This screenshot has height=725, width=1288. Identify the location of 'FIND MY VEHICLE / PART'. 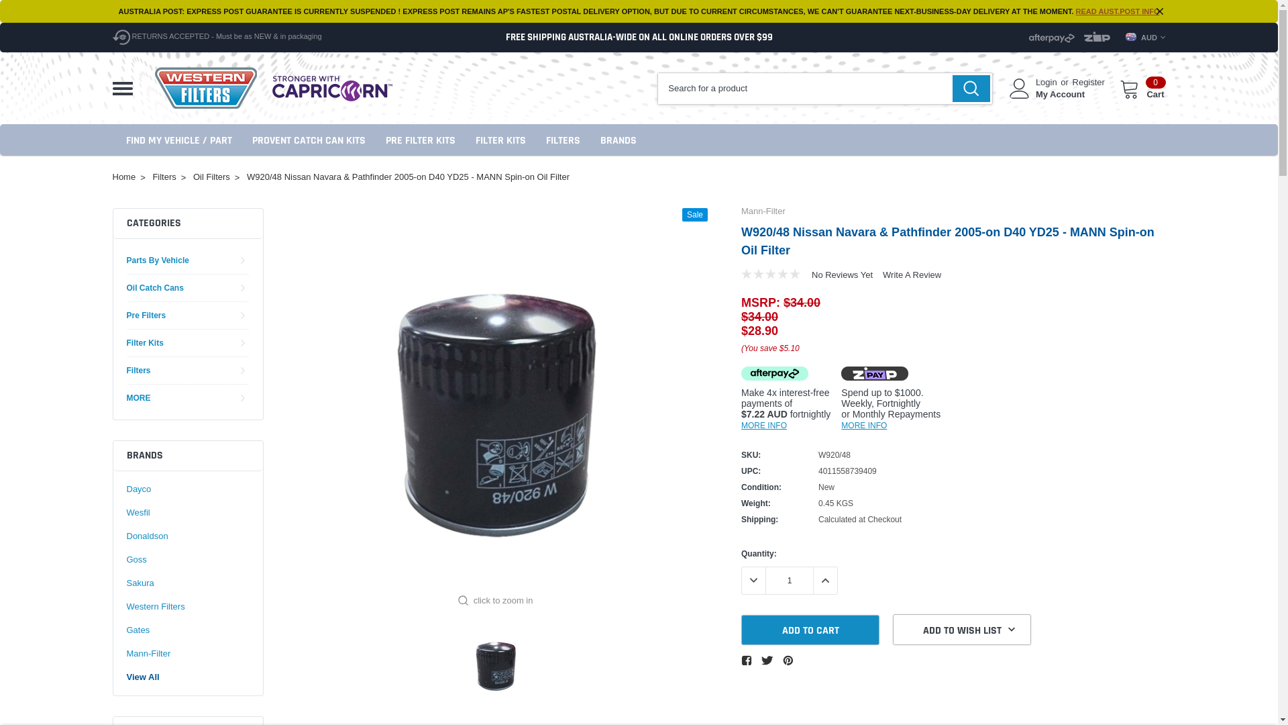
(178, 140).